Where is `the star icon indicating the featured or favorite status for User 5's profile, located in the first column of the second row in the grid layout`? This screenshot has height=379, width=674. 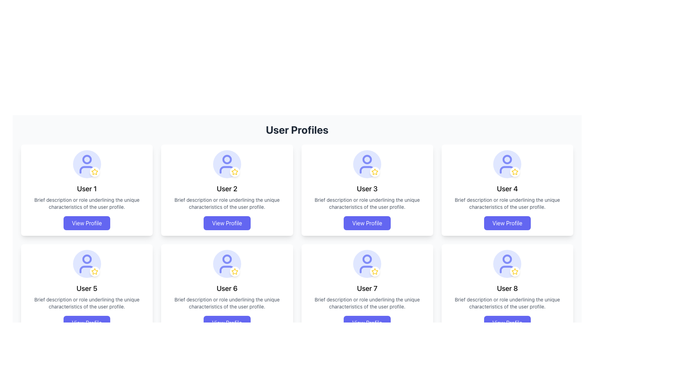 the star icon indicating the featured or favorite status for User 5's profile, located in the first column of the second row in the grid layout is located at coordinates (94, 271).